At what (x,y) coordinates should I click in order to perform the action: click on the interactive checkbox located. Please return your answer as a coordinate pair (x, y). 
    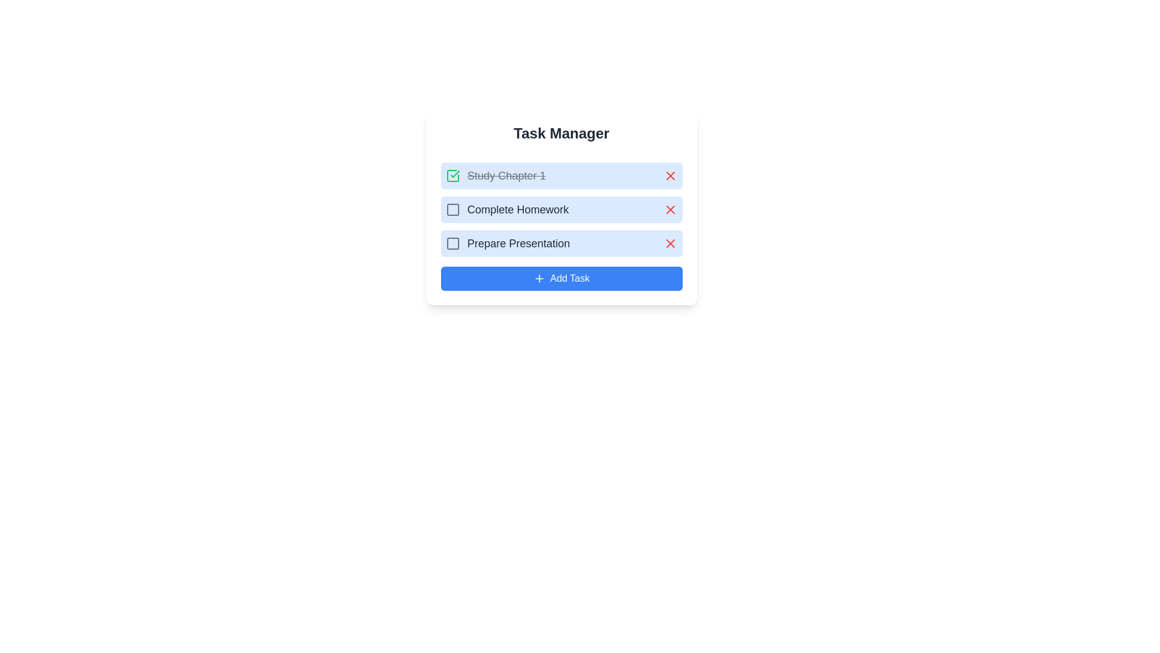
    Looking at the image, I should click on (452, 209).